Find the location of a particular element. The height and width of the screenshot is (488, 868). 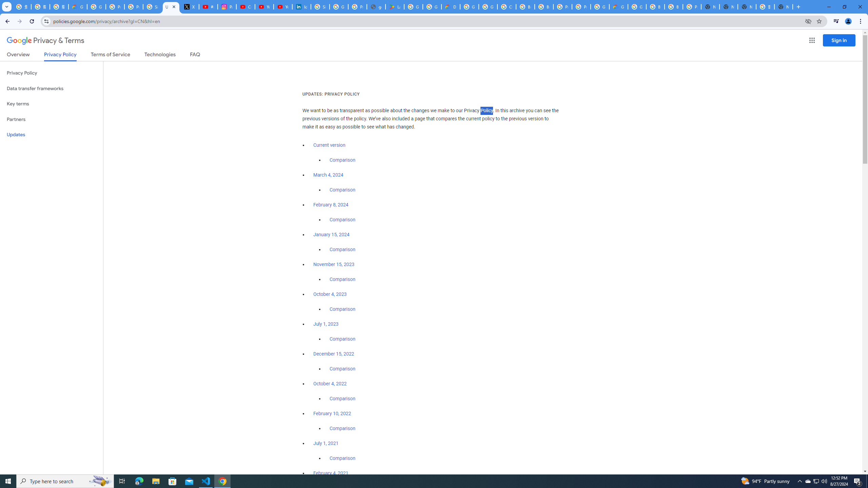

'February 10, 2022' is located at coordinates (332, 413).